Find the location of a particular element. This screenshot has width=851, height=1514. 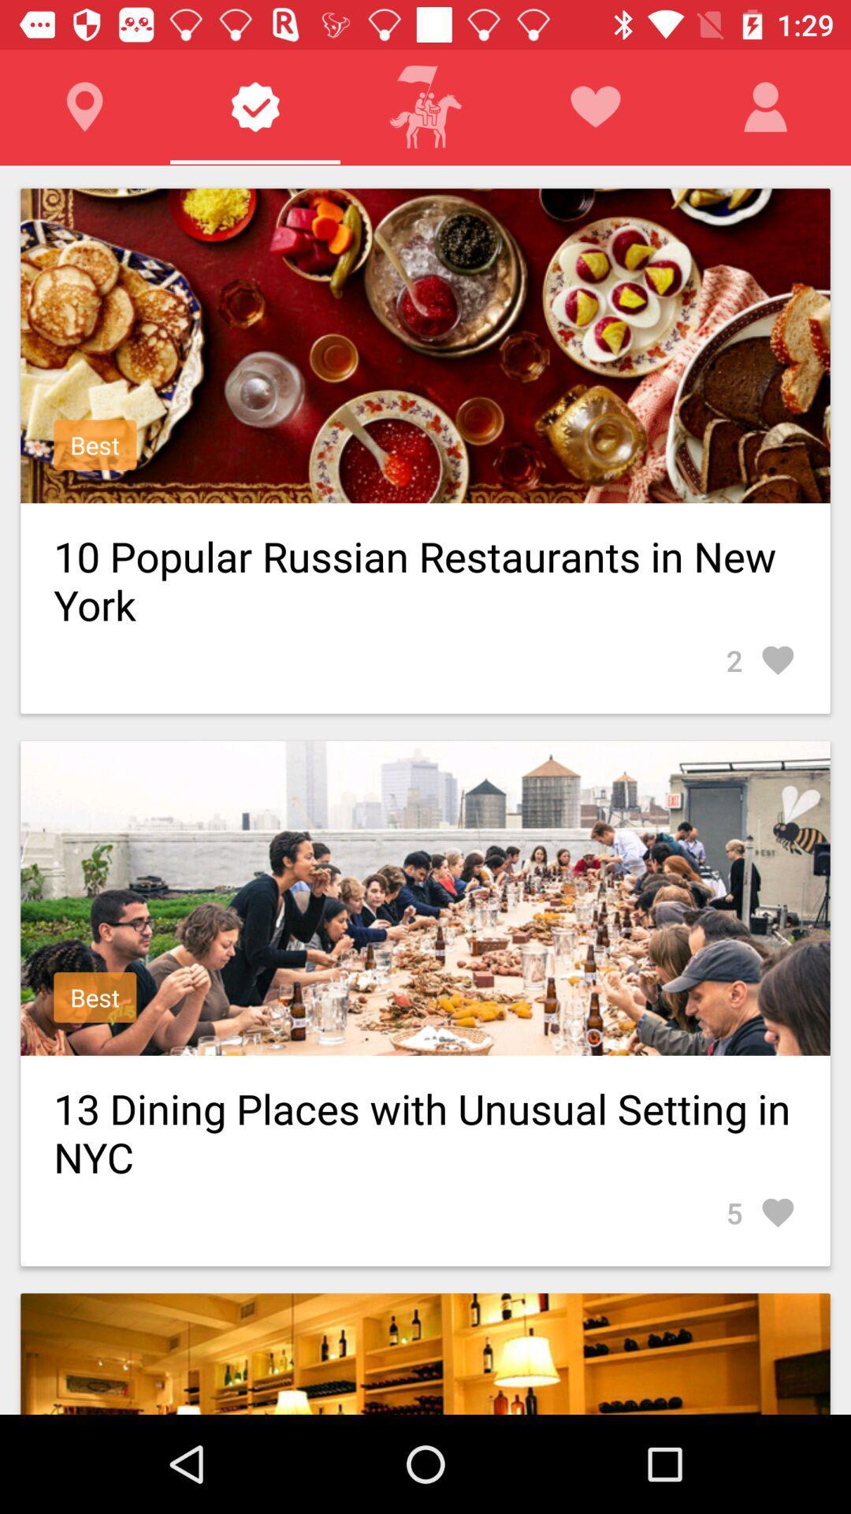

icon below 10 popular russian item is located at coordinates (760, 660).